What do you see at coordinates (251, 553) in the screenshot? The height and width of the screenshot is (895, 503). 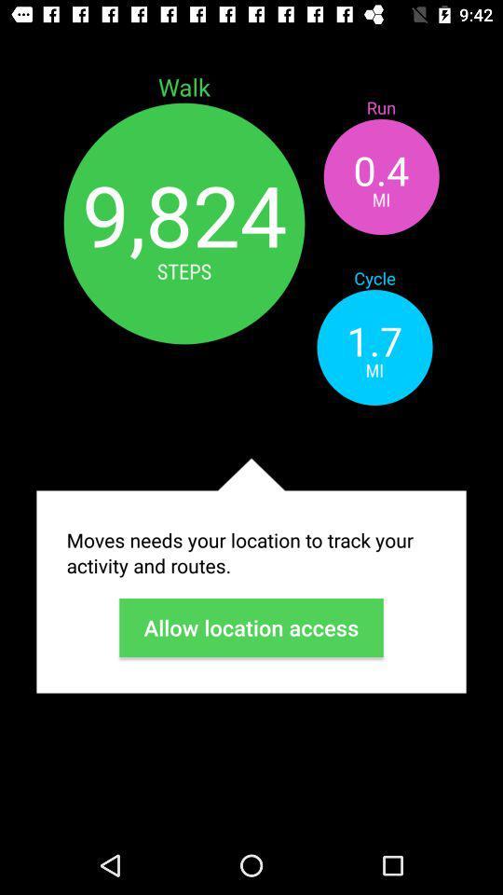 I see `icon above allow location access` at bounding box center [251, 553].